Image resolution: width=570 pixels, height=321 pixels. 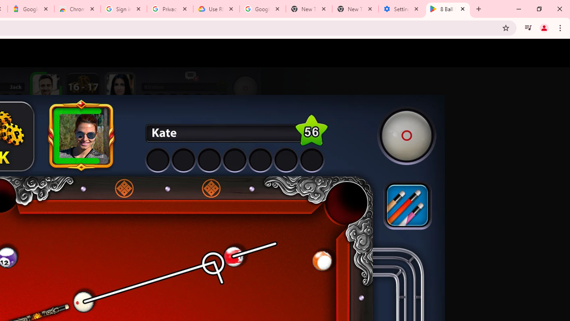 I want to click on 'New Tab', so click(x=355, y=9).